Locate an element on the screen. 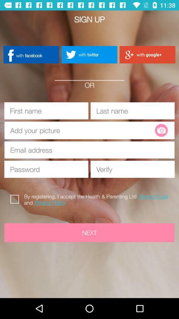  the icon above the next icon is located at coordinates (16, 198).